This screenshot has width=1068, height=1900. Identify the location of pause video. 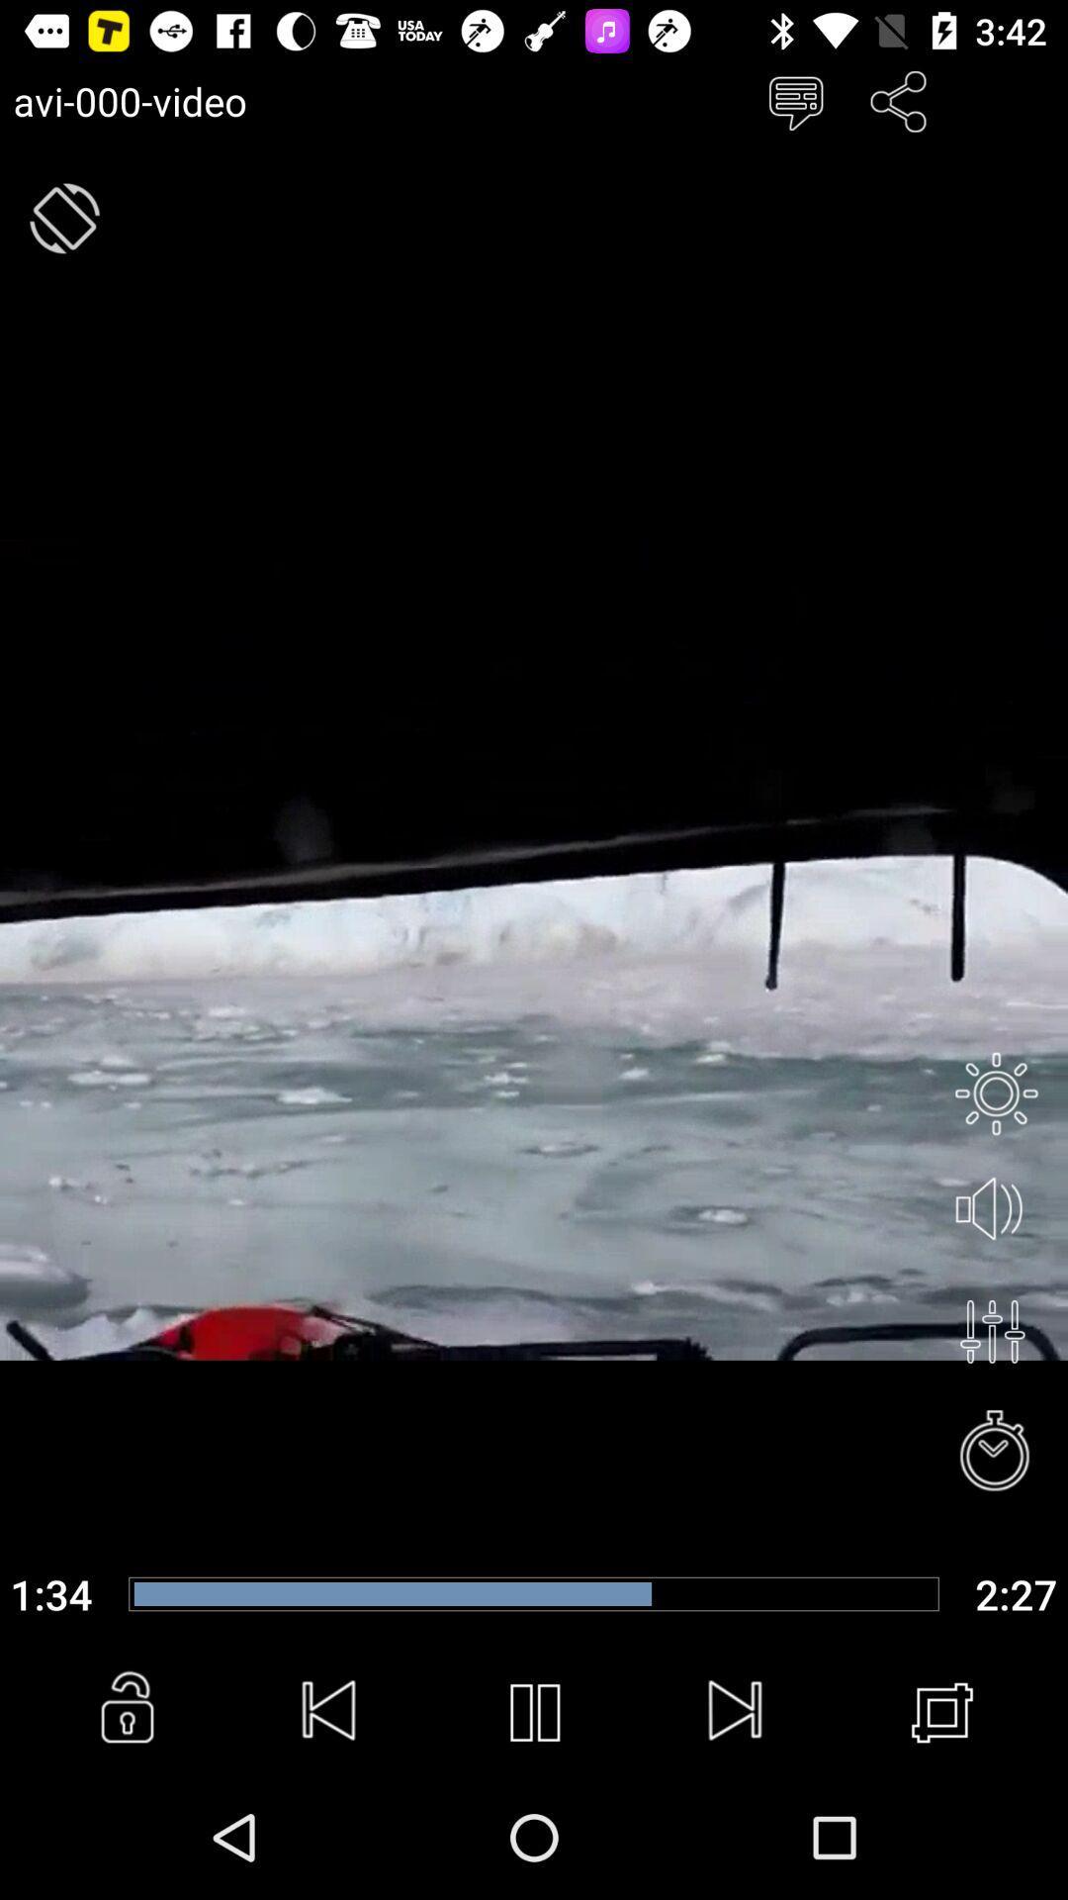
(534, 1712).